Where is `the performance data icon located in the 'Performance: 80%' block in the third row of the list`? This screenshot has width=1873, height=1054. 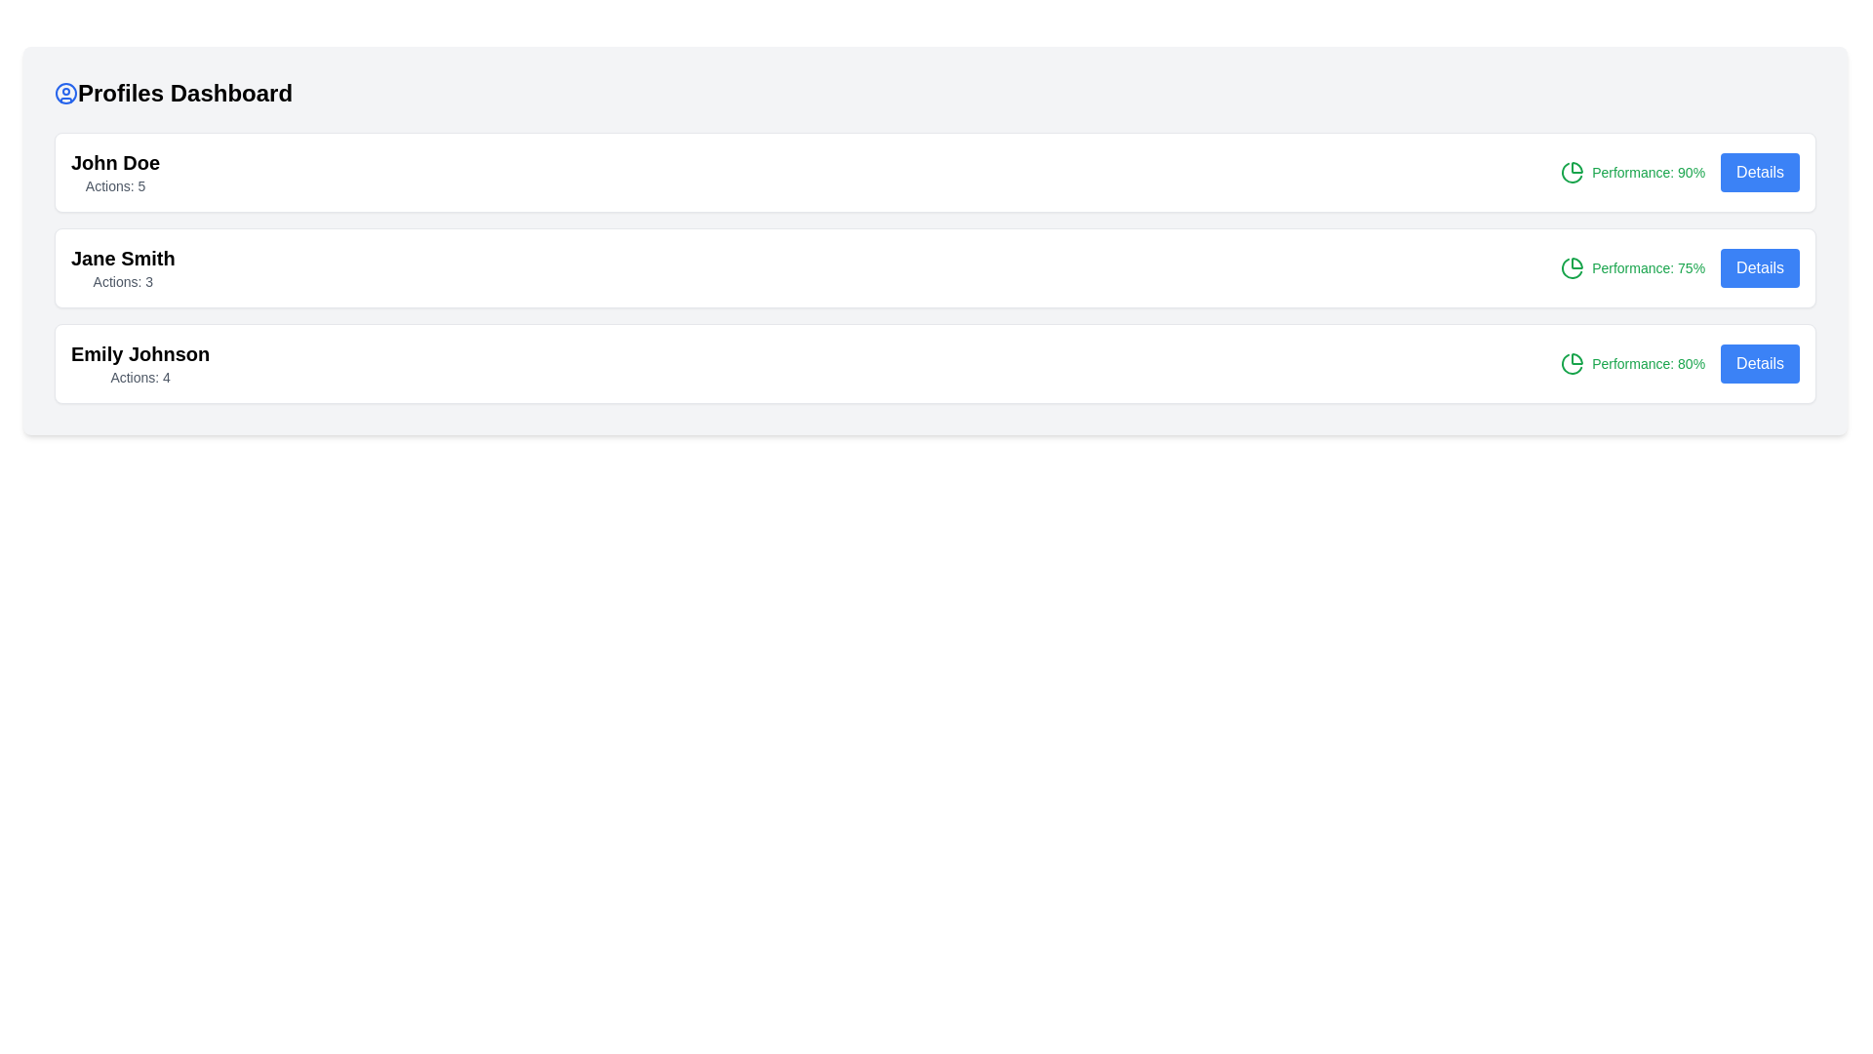
the performance data icon located in the 'Performance: 80%' block in the third row of the list is located at coordinates (1573, 364).